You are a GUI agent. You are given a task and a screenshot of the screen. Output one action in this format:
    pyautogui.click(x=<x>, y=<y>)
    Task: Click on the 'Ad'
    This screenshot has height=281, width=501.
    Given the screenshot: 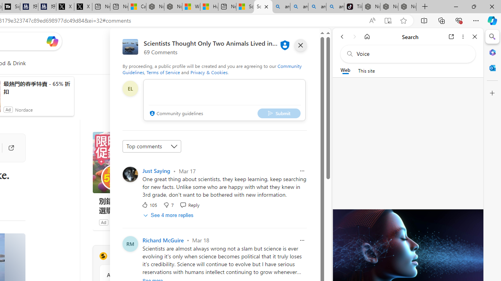 What is the action you would take?
    pyautogui.click(x=103, y=222)
    